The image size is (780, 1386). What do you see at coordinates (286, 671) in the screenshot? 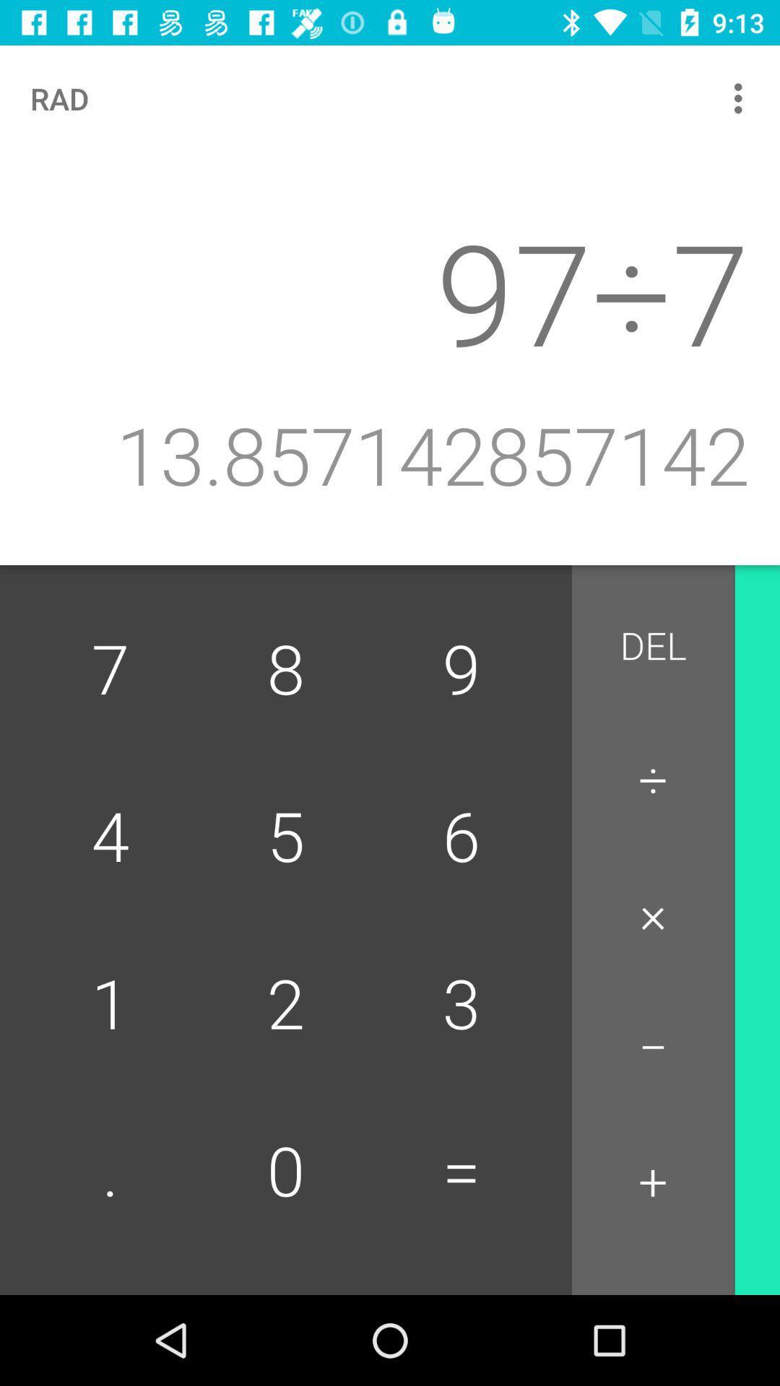
I see `the item to the left of the 9 item` at bounding box center [286, 671].